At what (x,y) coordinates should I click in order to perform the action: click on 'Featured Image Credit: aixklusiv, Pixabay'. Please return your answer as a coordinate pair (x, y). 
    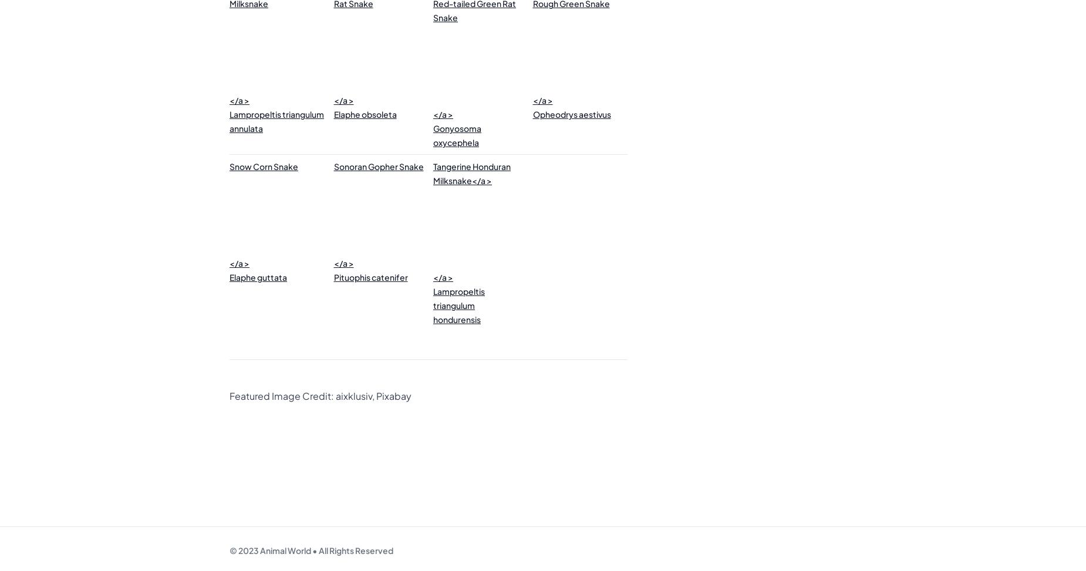
    Looking at the image, I should click on (320, 396).